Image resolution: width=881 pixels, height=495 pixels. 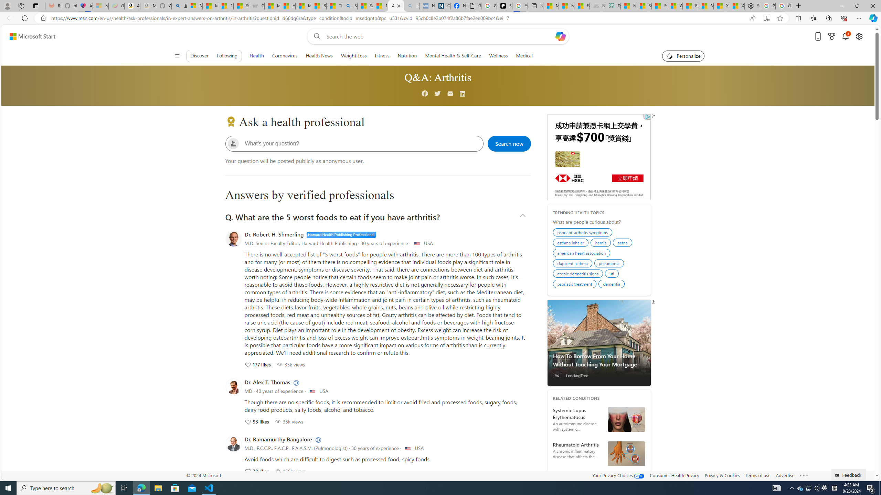 What do you see at coordinates (498, 55) in the screenshot?
I see `'Wellness'` at bounding box center [498, 55].